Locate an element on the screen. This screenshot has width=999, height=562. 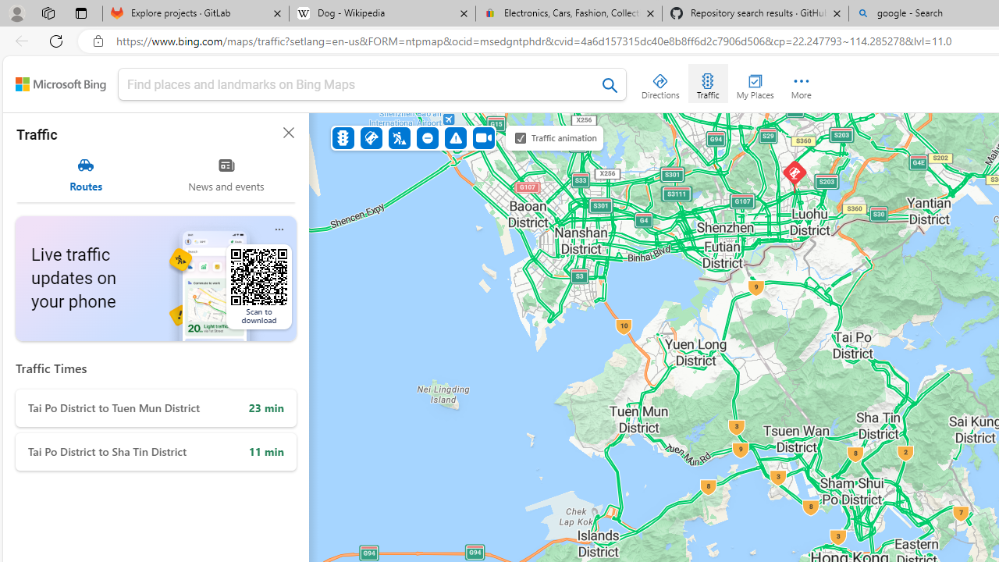
'Accidents' is located at coordinates (371, 137).